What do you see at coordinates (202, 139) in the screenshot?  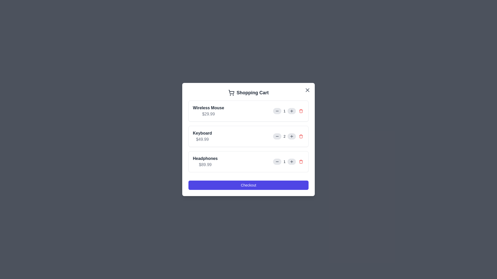 I see `the price label displaying '$49.99' which is located below the 'Keyboard' label in the shopping cart interface` at bounding box center [202, 139].